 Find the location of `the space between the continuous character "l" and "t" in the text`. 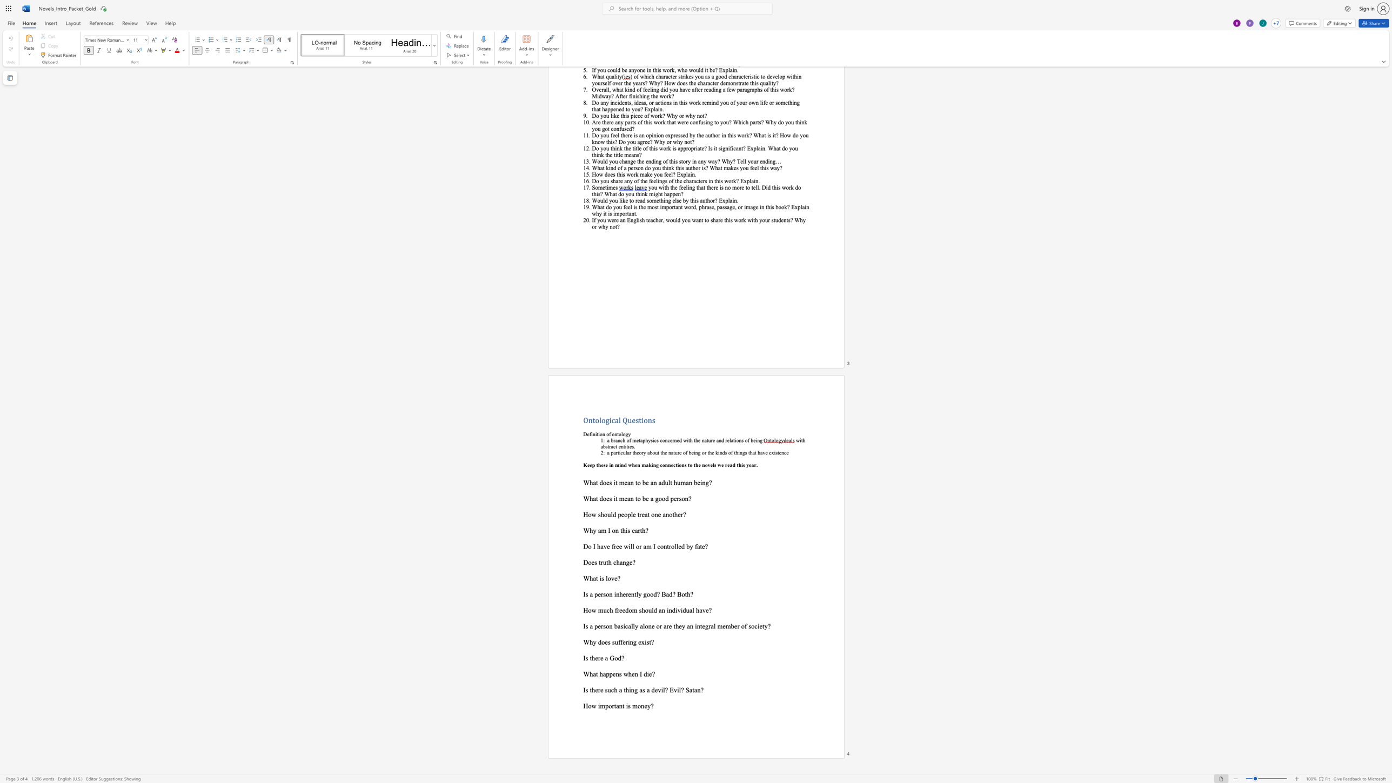

the space between the continuous character "l" and "t" in the text is located at coordinates (669, 482).